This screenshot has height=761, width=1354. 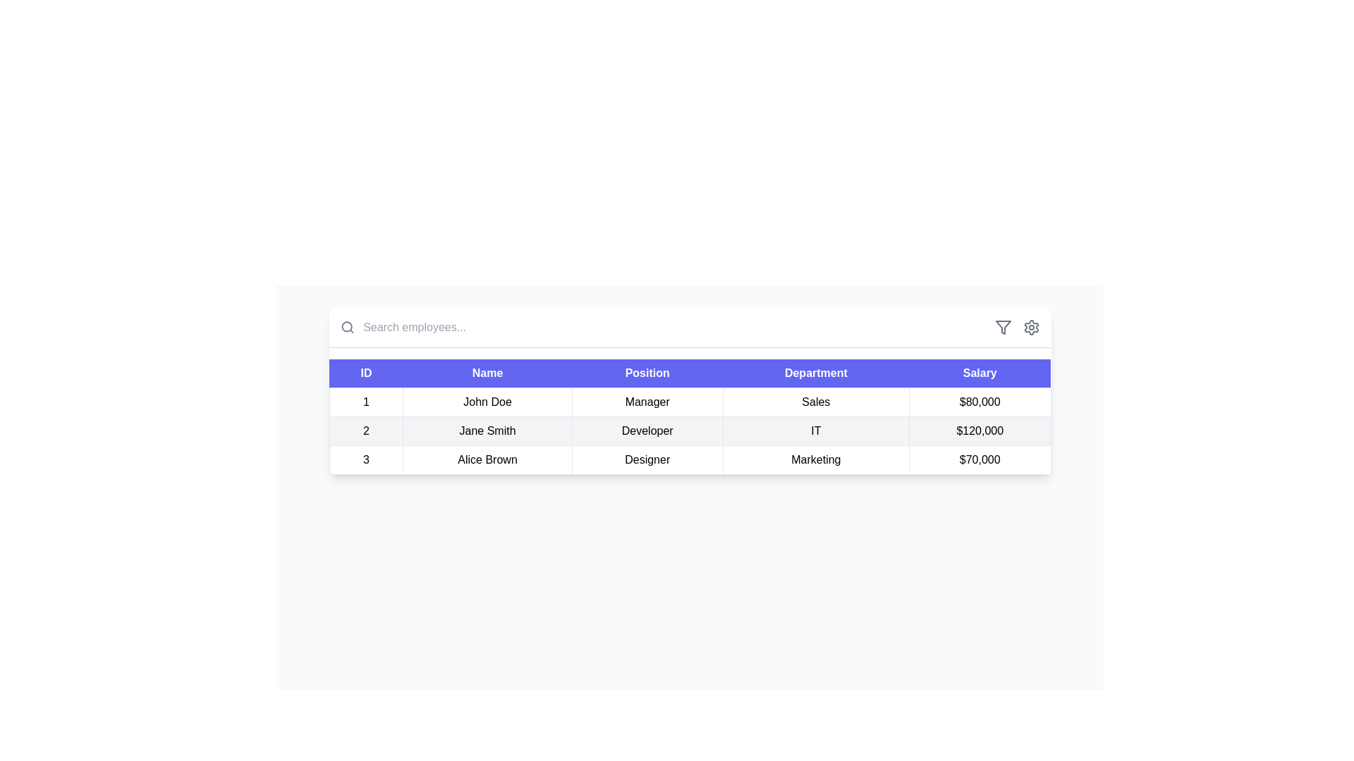 I want to click on on the third row of the data table displaying information about Alice Brown, so click(x=690, y=459).